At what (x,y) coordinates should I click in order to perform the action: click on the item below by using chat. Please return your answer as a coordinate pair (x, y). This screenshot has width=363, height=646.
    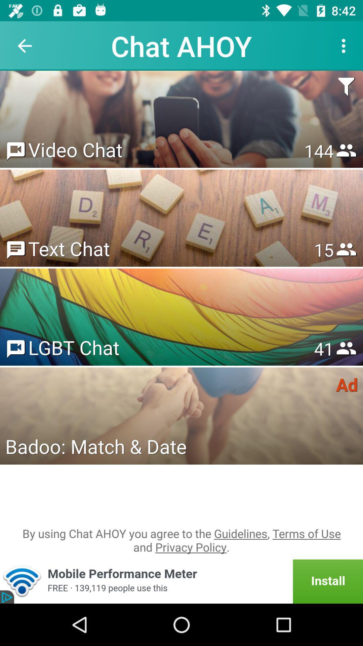
    Looking at the image, I should click on (182, 581).